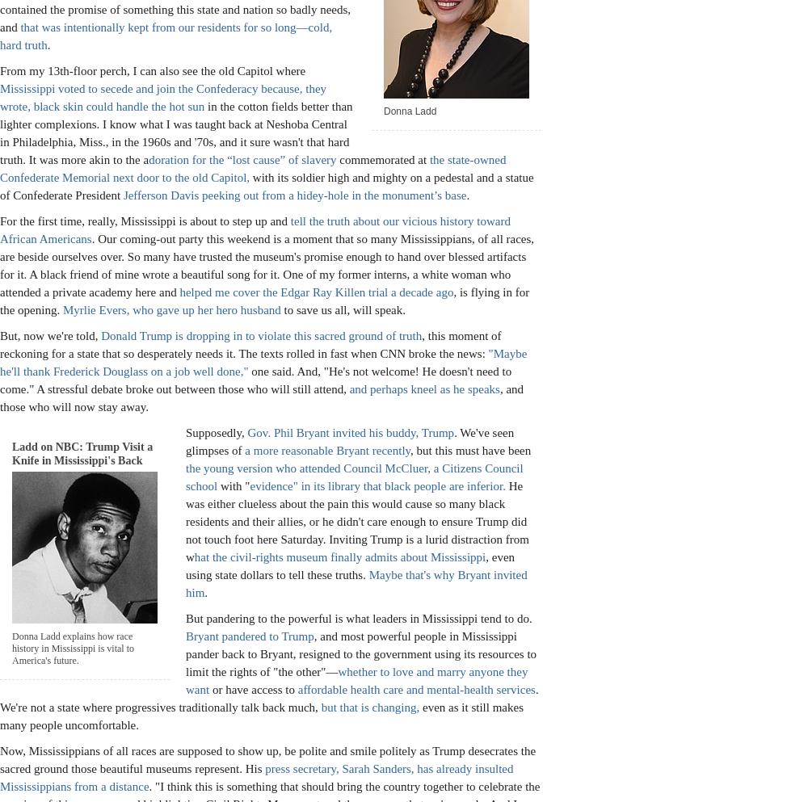 The image size is (808, 802). Describe the element at coordinates (50, 334) in the screenshot. I see `'But, now we're told,'` at that location.